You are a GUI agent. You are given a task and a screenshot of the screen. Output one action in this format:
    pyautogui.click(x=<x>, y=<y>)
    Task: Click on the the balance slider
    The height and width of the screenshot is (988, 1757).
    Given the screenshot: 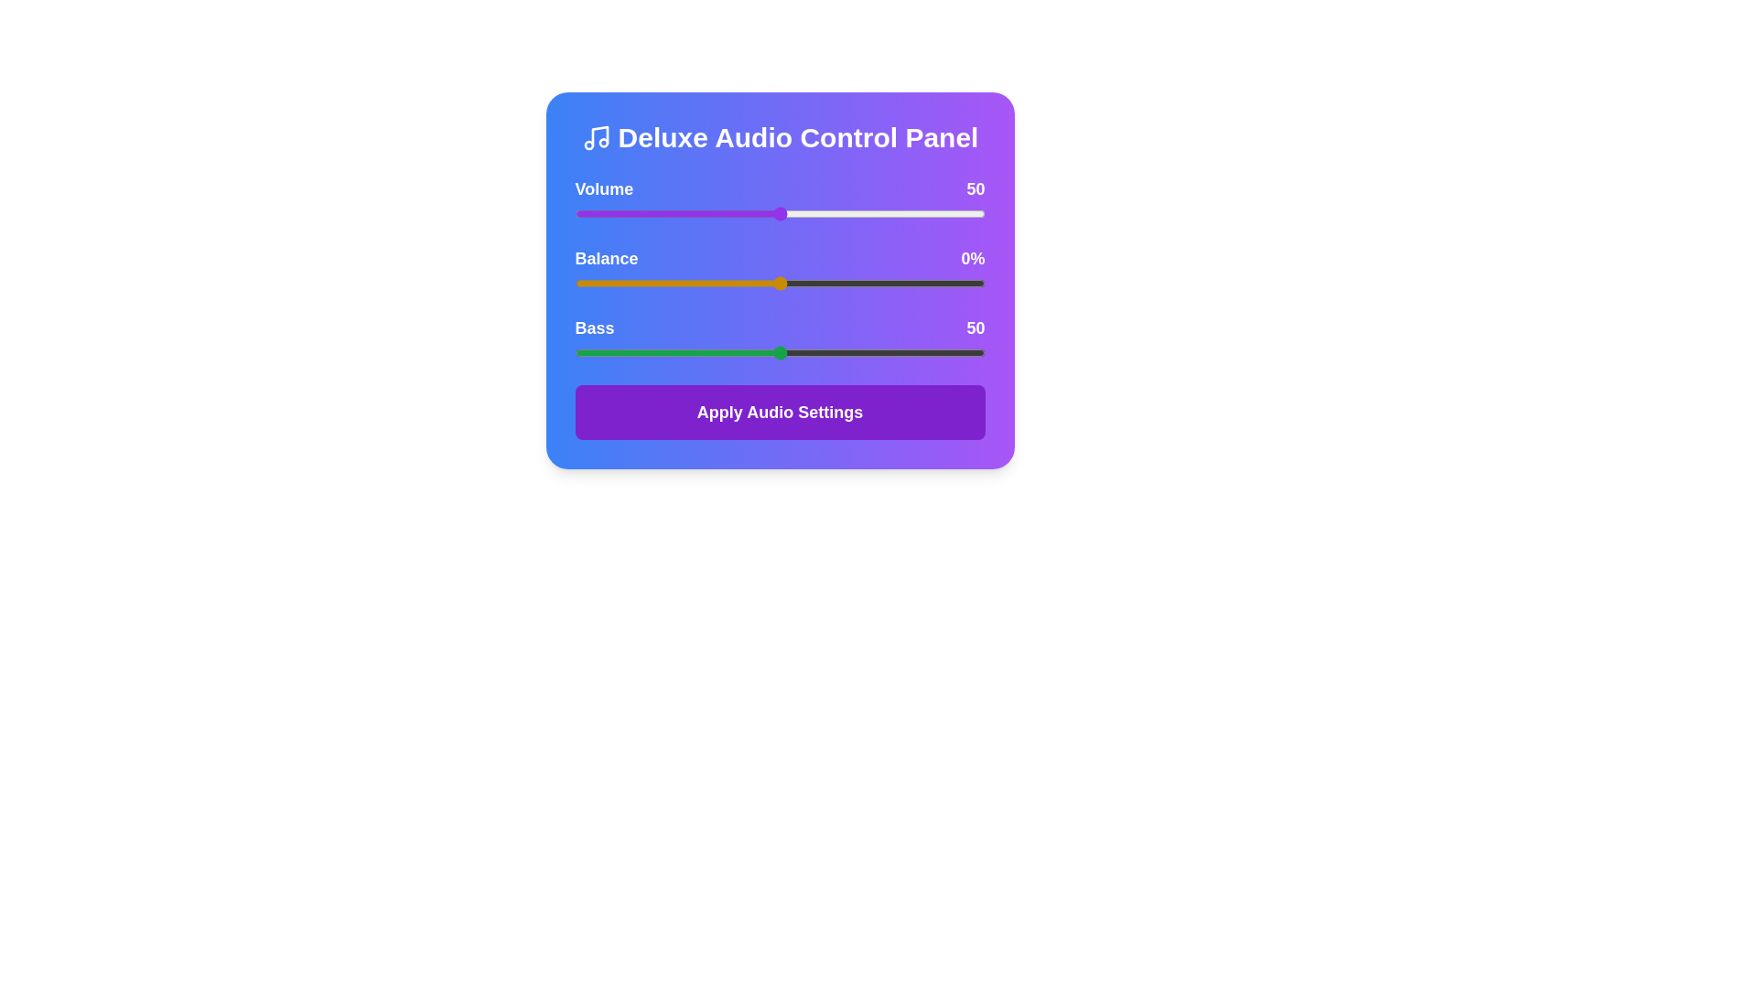 What is the action you would take?
    pyautogui.click(x=652, y=283)
    